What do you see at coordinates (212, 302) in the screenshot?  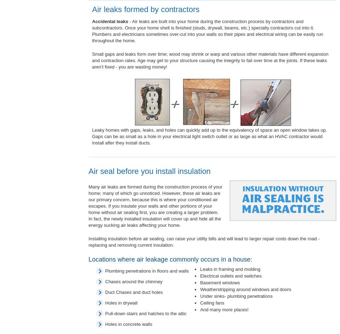 I see `'Ceiling fans'` at bounding box center [212, 302].